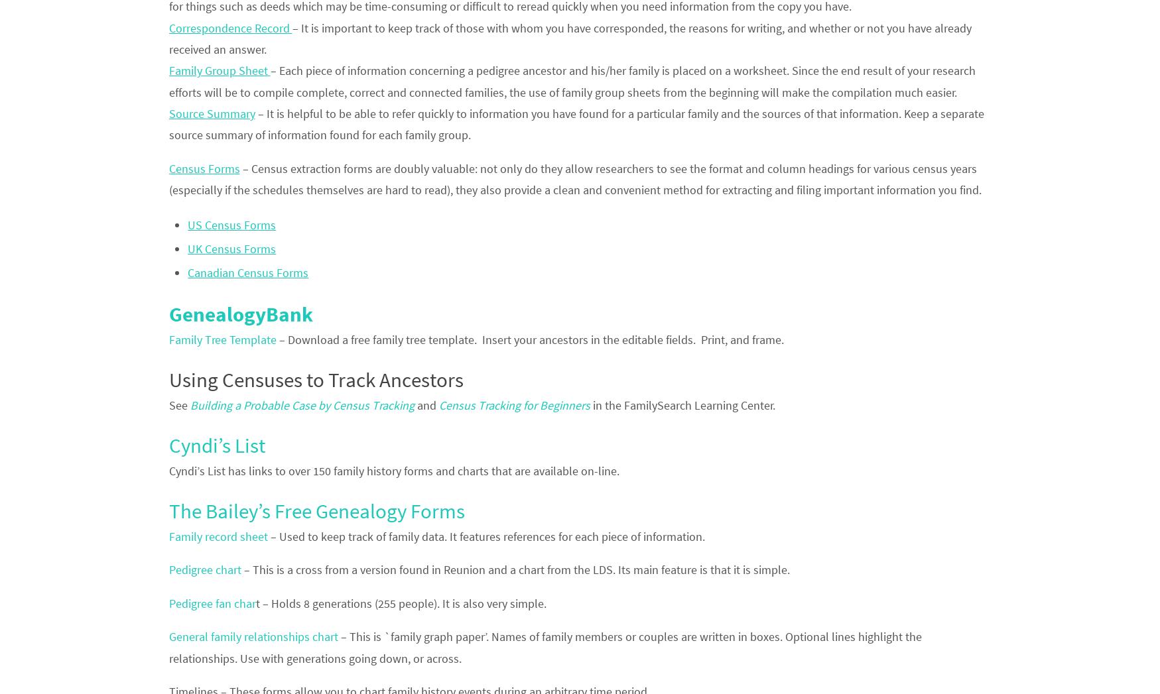  Describe the element at coordinates (231, 224) in the screenshot. I see `'US Census Forms'` at that location.